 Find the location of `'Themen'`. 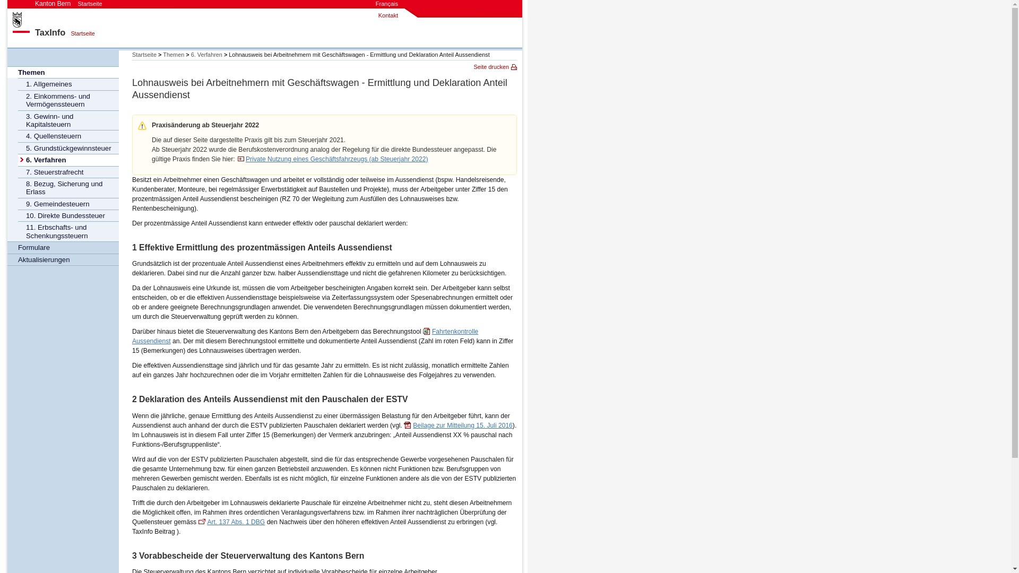

'Themen' is located at coordinates (63, 72).